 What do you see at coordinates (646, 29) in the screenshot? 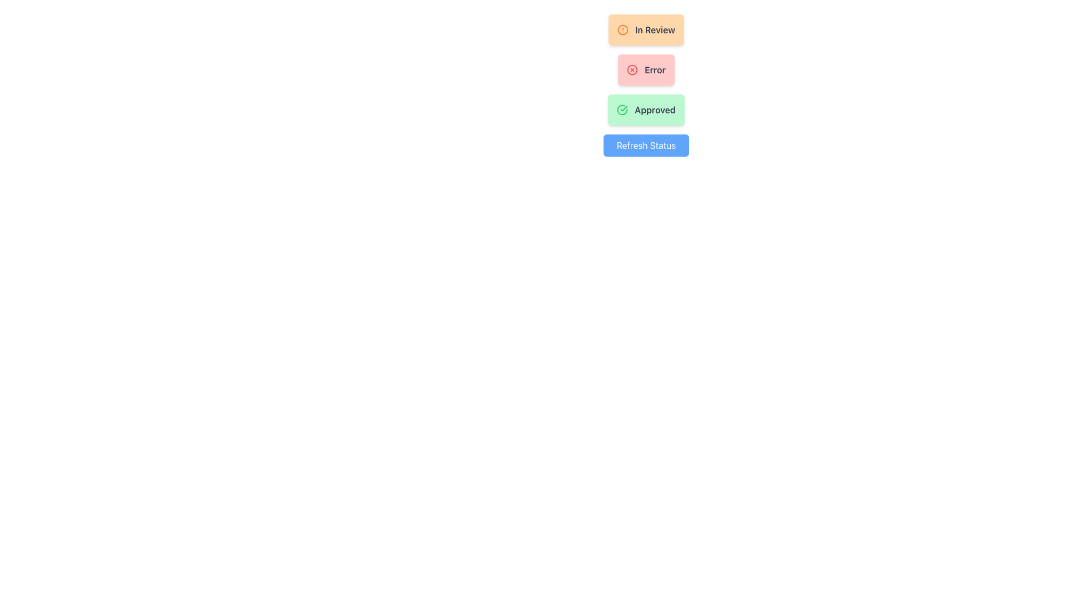
I see `the 'In Review' status indicator, which is a horizontally aligned rectangular button with rounded corners, light orange background, and an exclamation mark icon` at bounding box center [646, 29].